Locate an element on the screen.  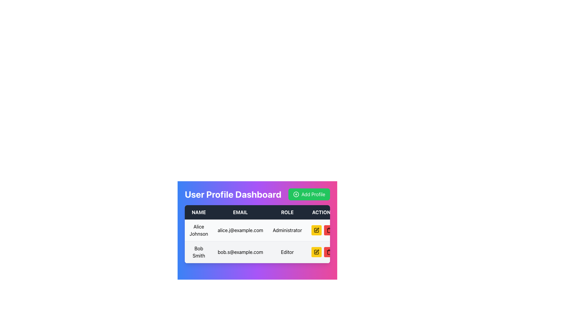
the edit icon for user profile 'Bob Smith', which is located in the action column of the second row in the user profile table, represented by a pencil icon inside a yellow square is located at coordinates (317, 229).